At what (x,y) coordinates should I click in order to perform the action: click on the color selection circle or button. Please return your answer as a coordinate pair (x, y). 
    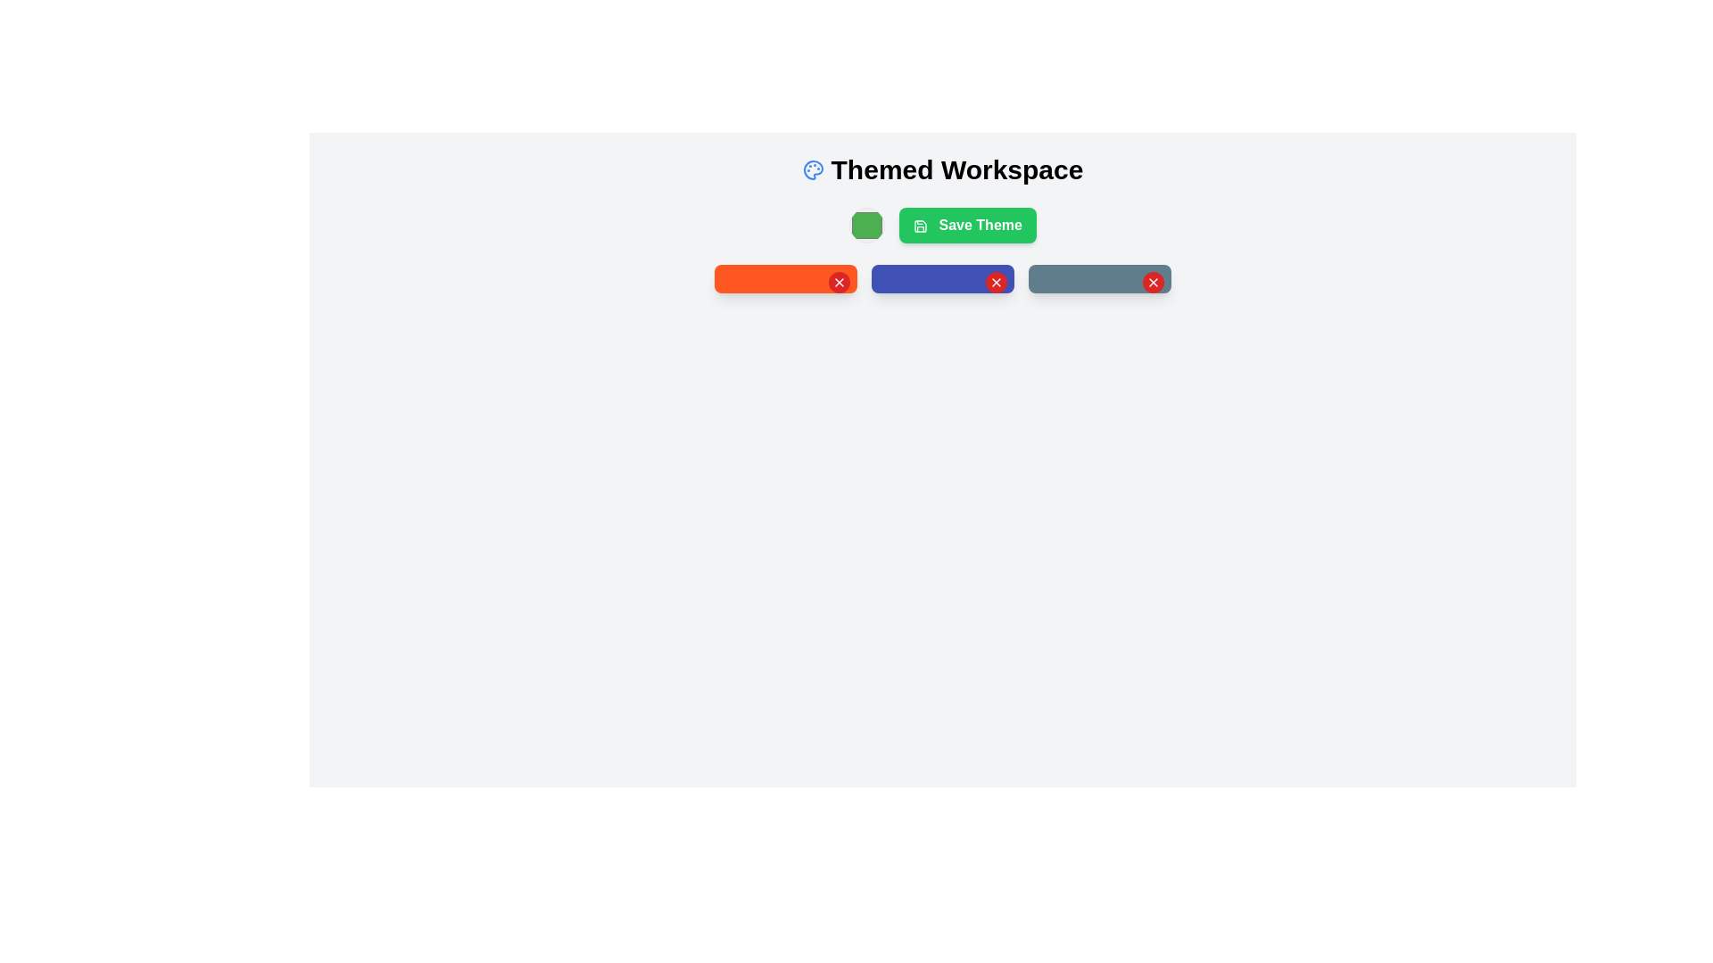
    Looking at the image, I should click on (867, 225).